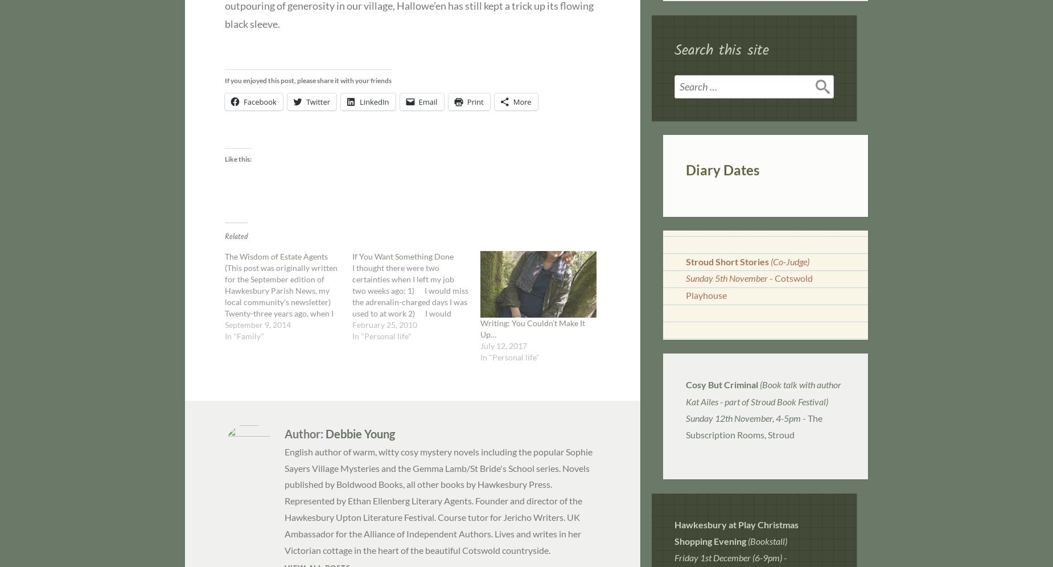 This screenshot has height=567, width=1053. What do you see at coordinates (673, 50) in the screenshot?
I see `'Search this site'` at bounding box center [673, 50].